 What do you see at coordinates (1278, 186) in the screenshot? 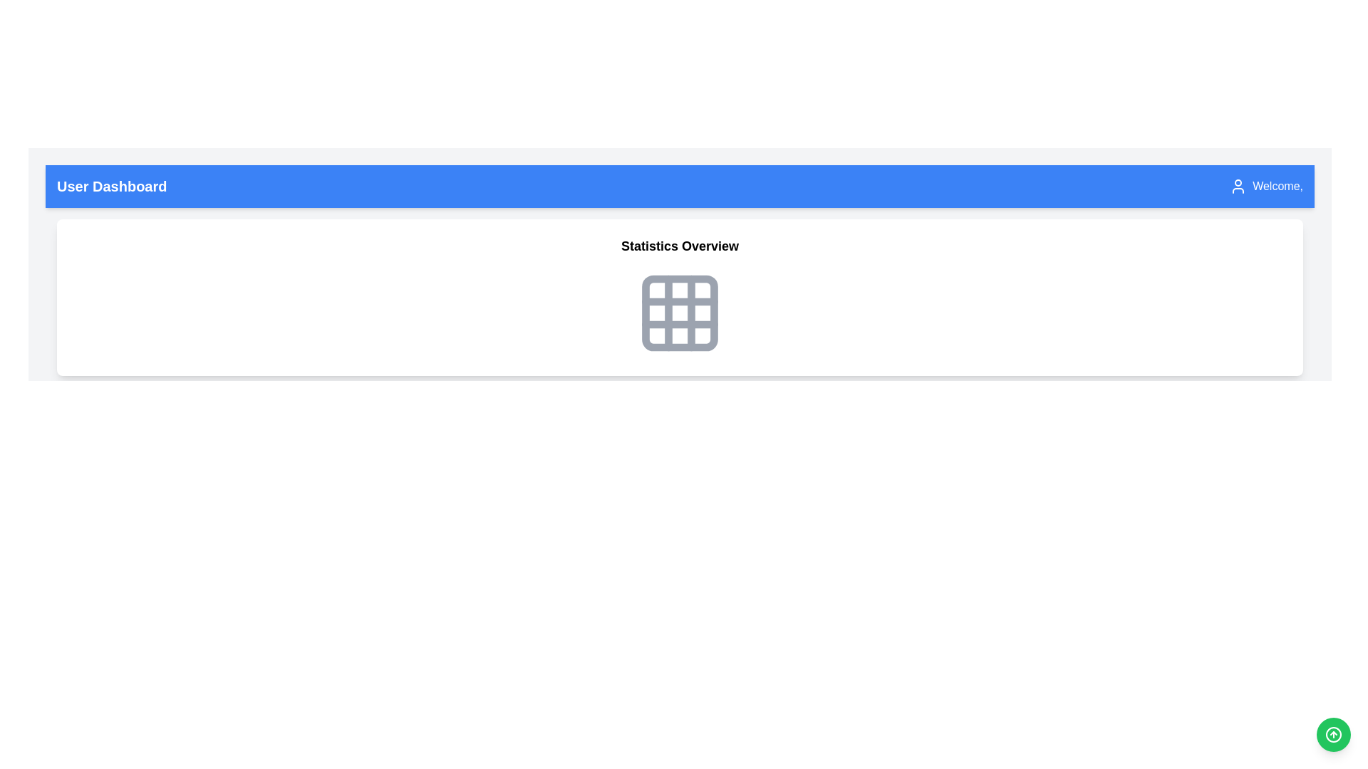
I see `the text label displaying 'Welcome' in white color, located in the upper right corner of the blue header bar, immediately to the right of the user icon` at bounding box center [1278, 186].